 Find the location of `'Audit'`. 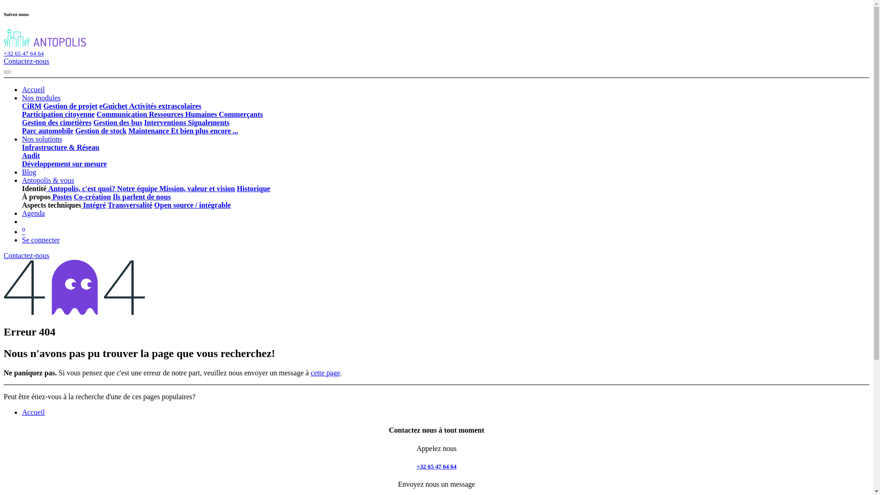

'Audit' is located at coordinates (31, 155).